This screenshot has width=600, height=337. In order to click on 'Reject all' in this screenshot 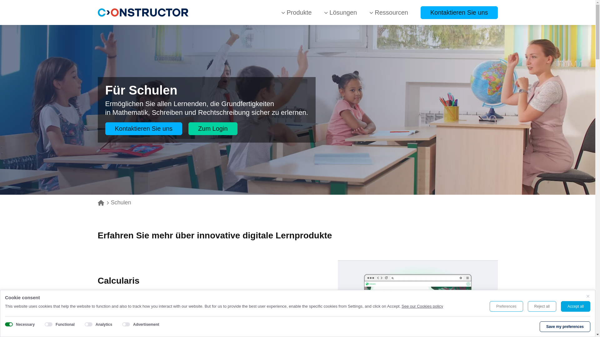, I will do `click(542, 306)`.